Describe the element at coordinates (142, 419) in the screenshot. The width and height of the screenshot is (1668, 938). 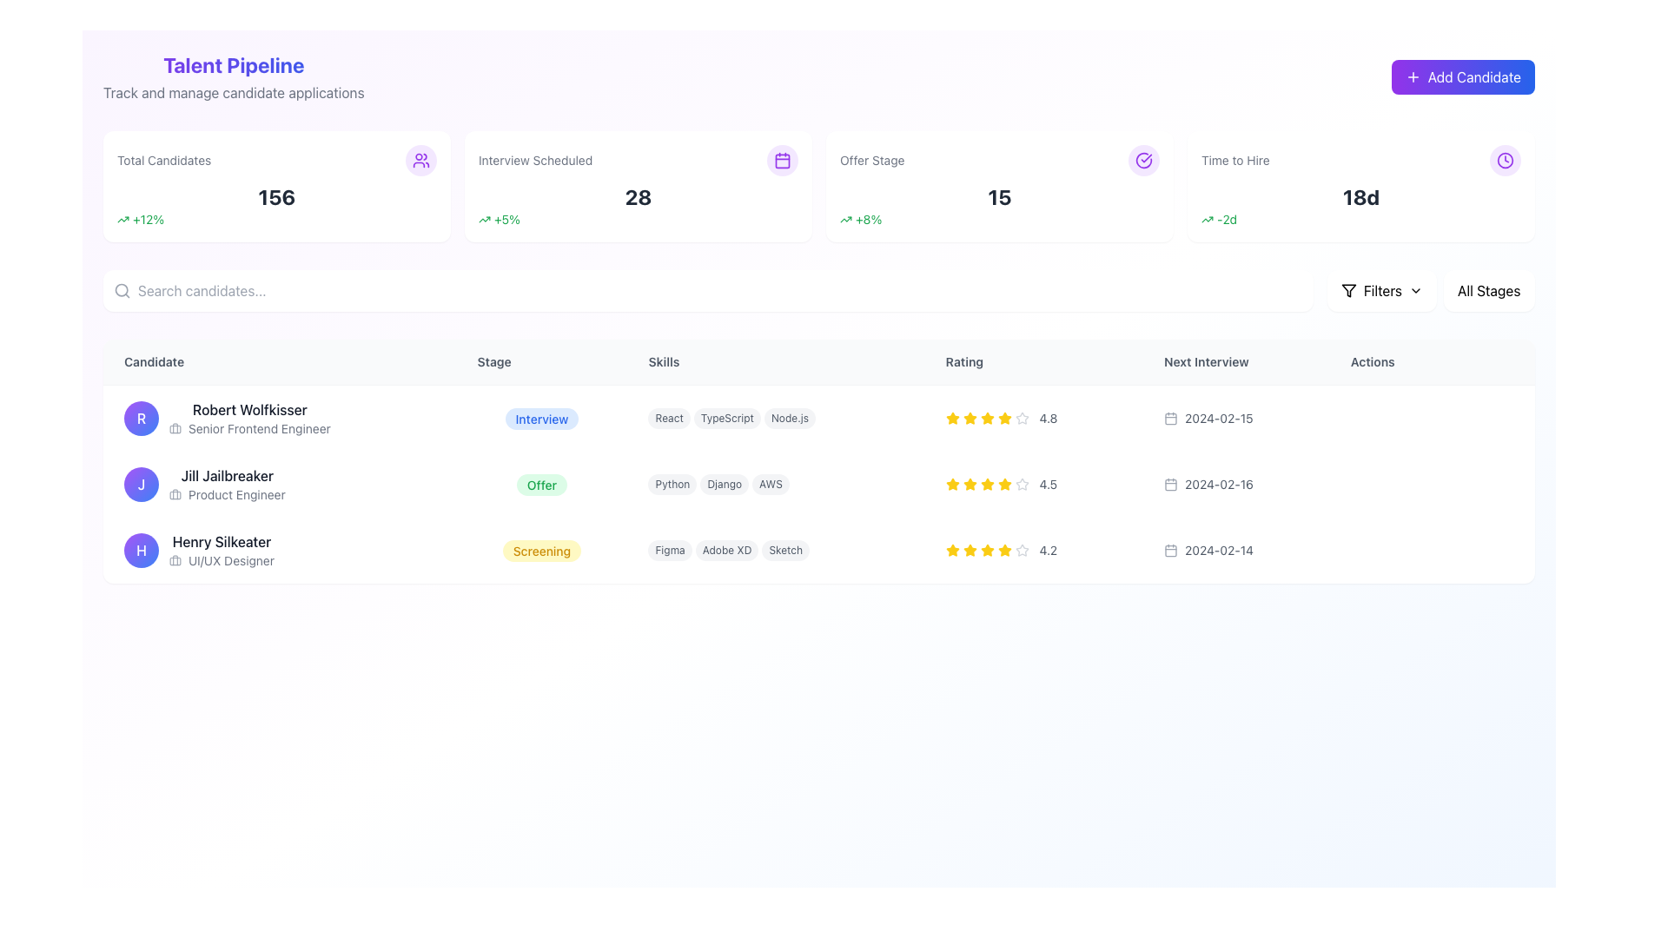
I see `the Avatar icon for candidate 'Robert Wolfkisser' located at the far left of the first row in the candidate table under the 'Candidate' column` at that location.